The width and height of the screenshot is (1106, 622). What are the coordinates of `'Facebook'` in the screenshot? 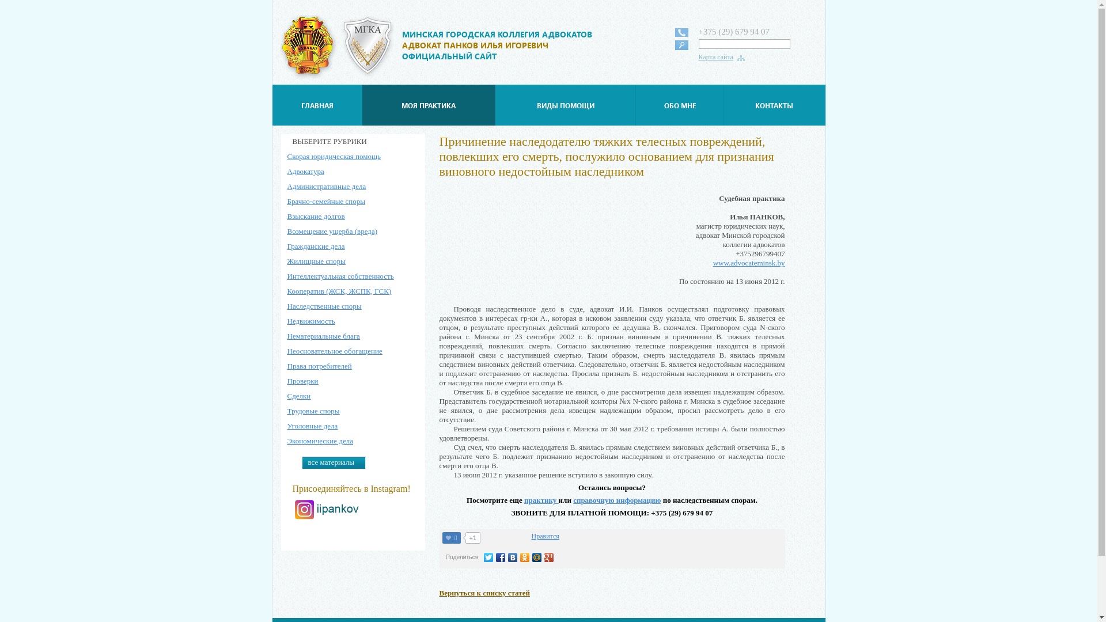 It's located at (495, 557).